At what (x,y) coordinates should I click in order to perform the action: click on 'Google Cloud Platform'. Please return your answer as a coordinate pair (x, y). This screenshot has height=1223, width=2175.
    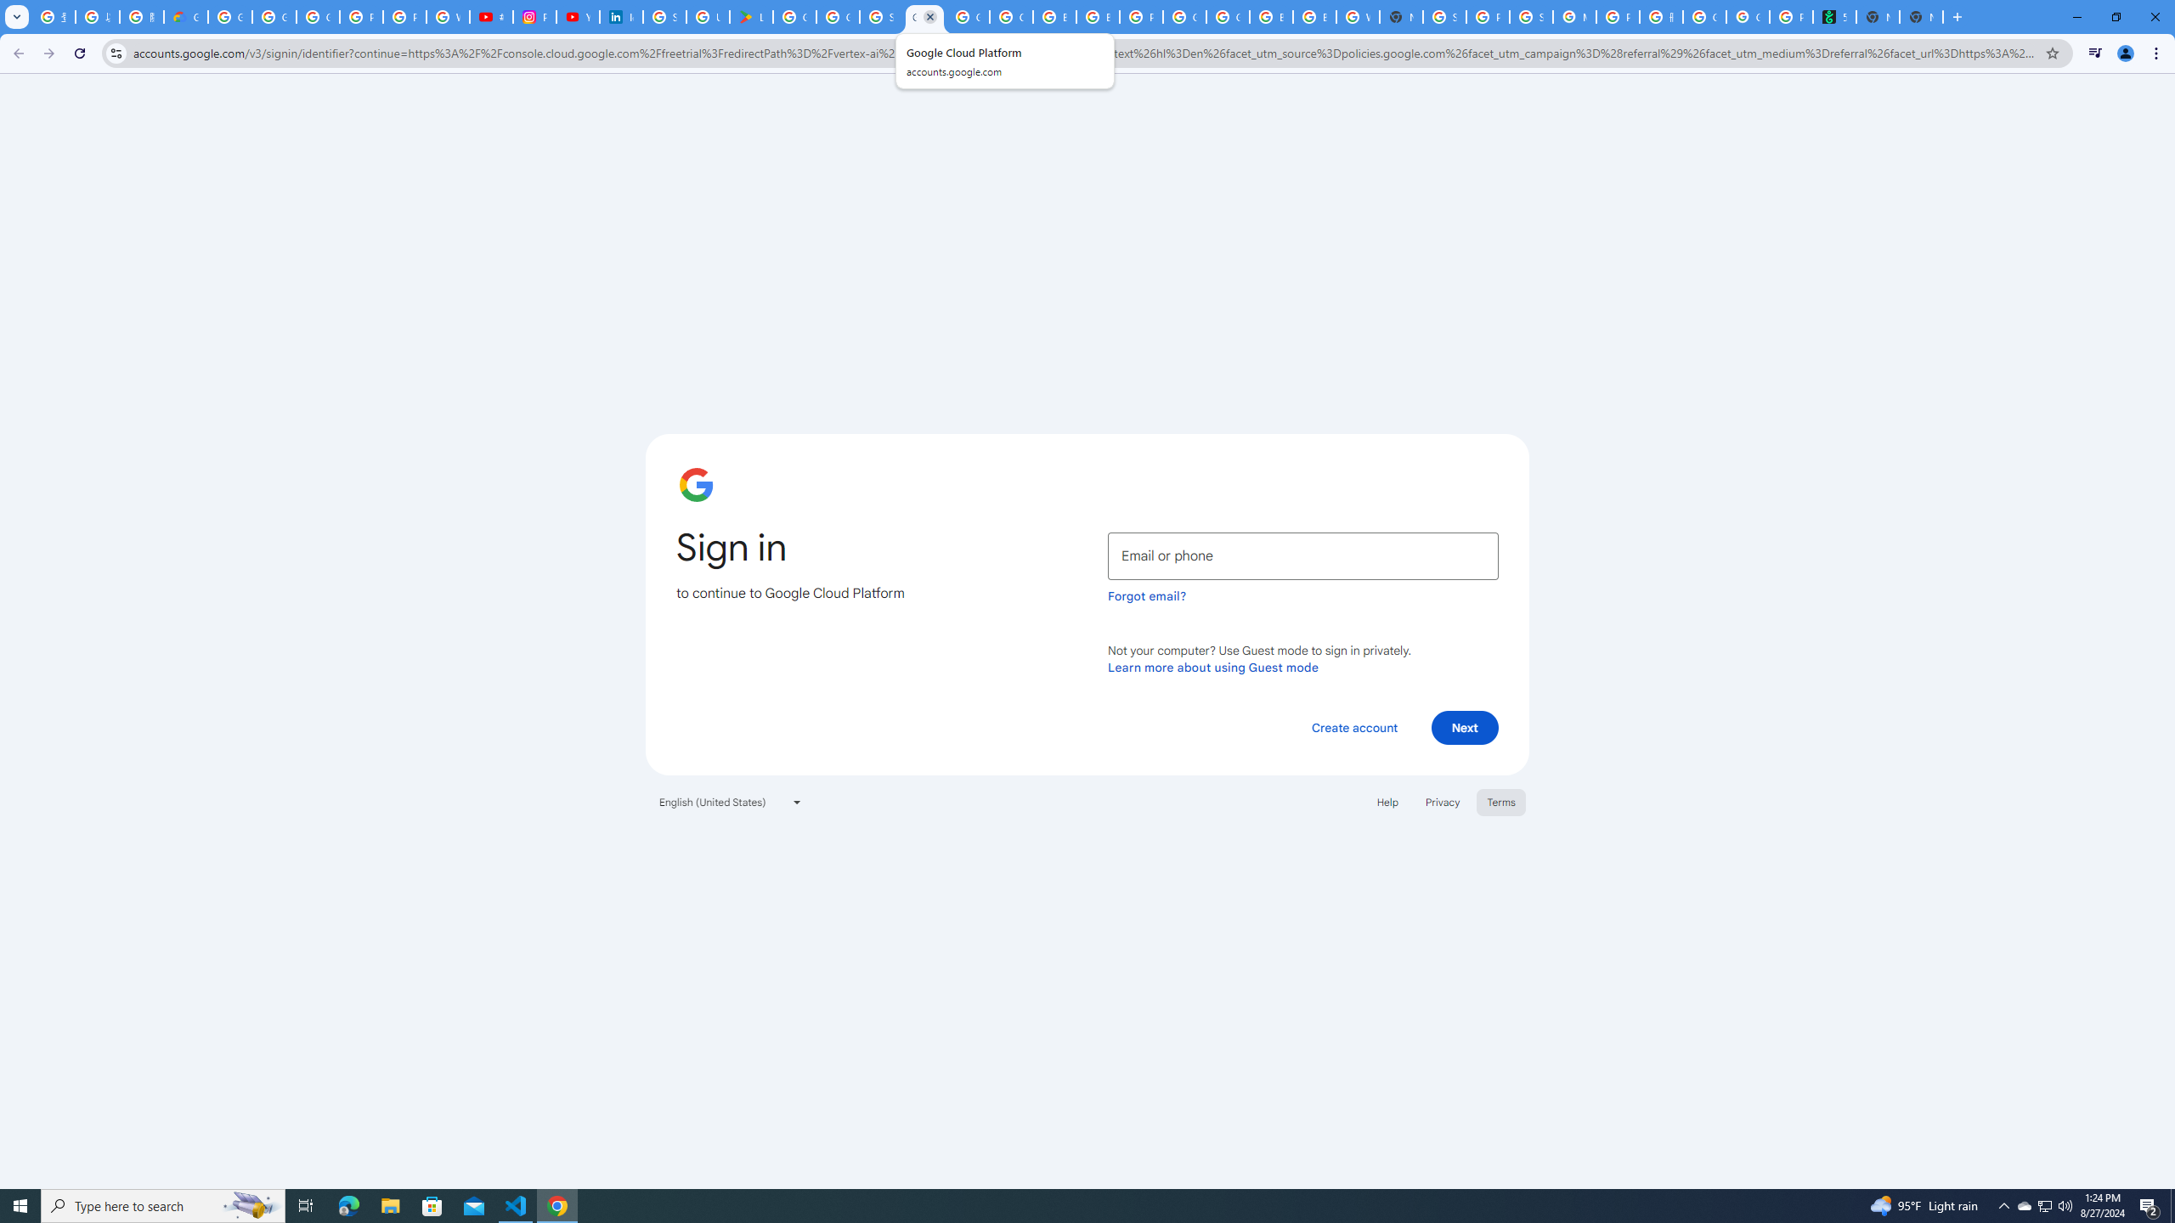
    Looking at the image, I should click on (924, 16).